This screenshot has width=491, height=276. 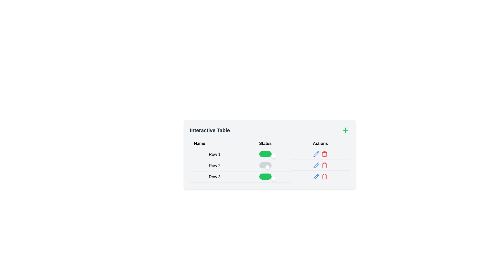 What do you see at coordinates (269, 166) in the screenshot?
I see `the Toggle switch in the 'Status' column of the second row of the table` at bounding box center [269, 166].